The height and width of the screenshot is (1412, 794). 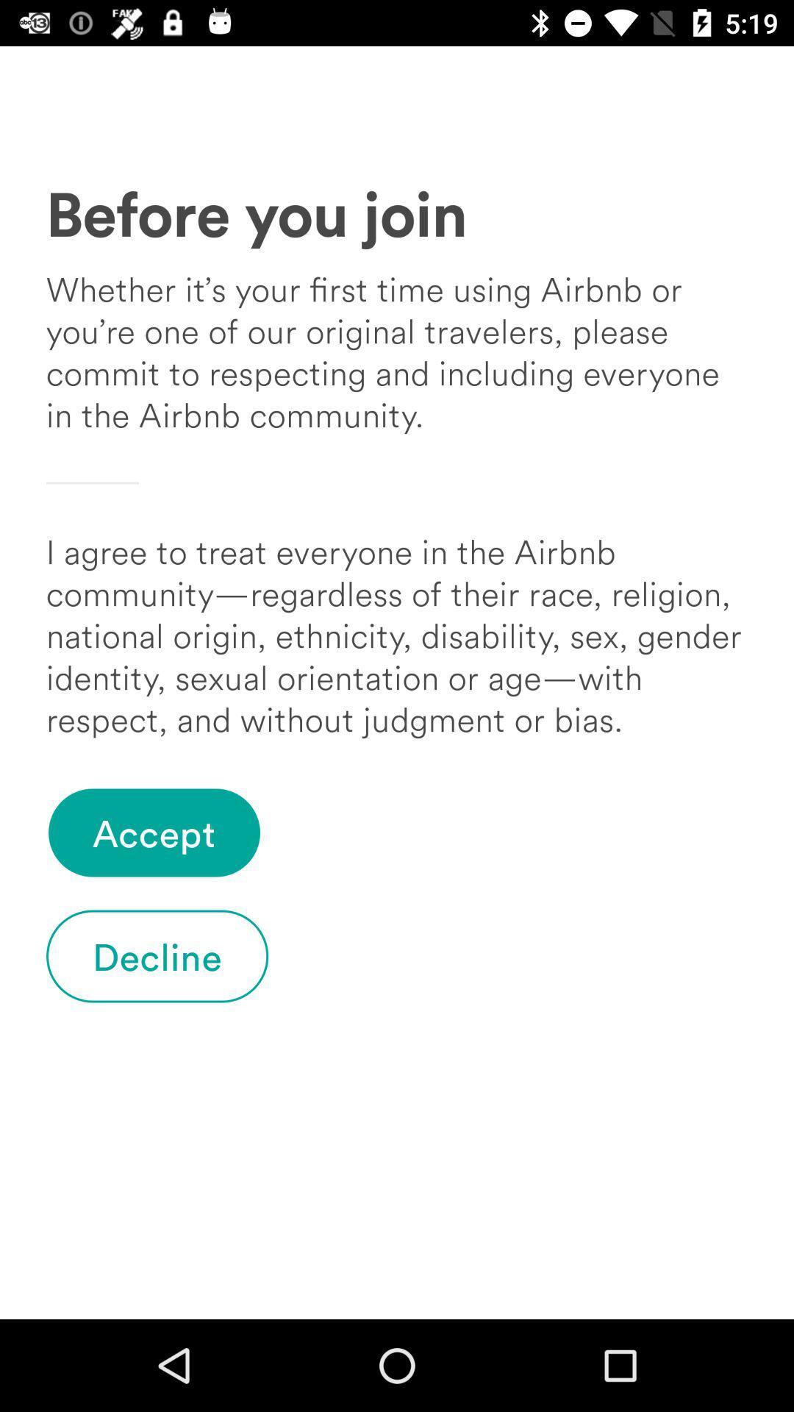 I want to click on the accept item, so click(x=154, y=832).